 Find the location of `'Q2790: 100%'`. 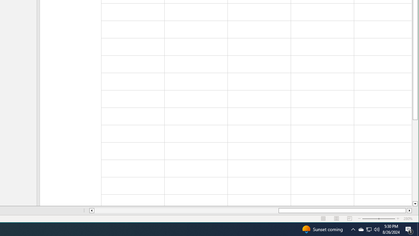

'Q2790: 100%' is located at coordinates (369, 229).